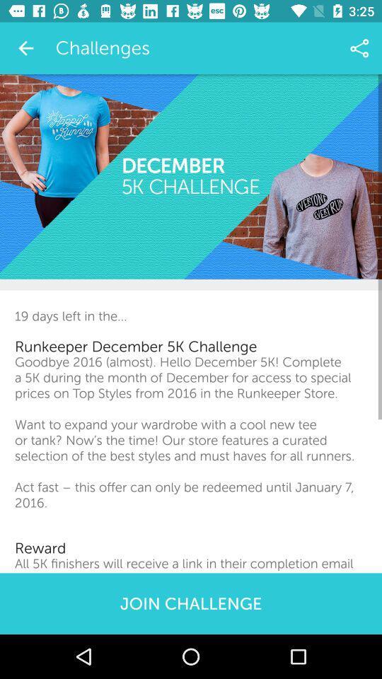 The image size is (382, 679). I want to click on icon next to challenges, so click(25, 48).